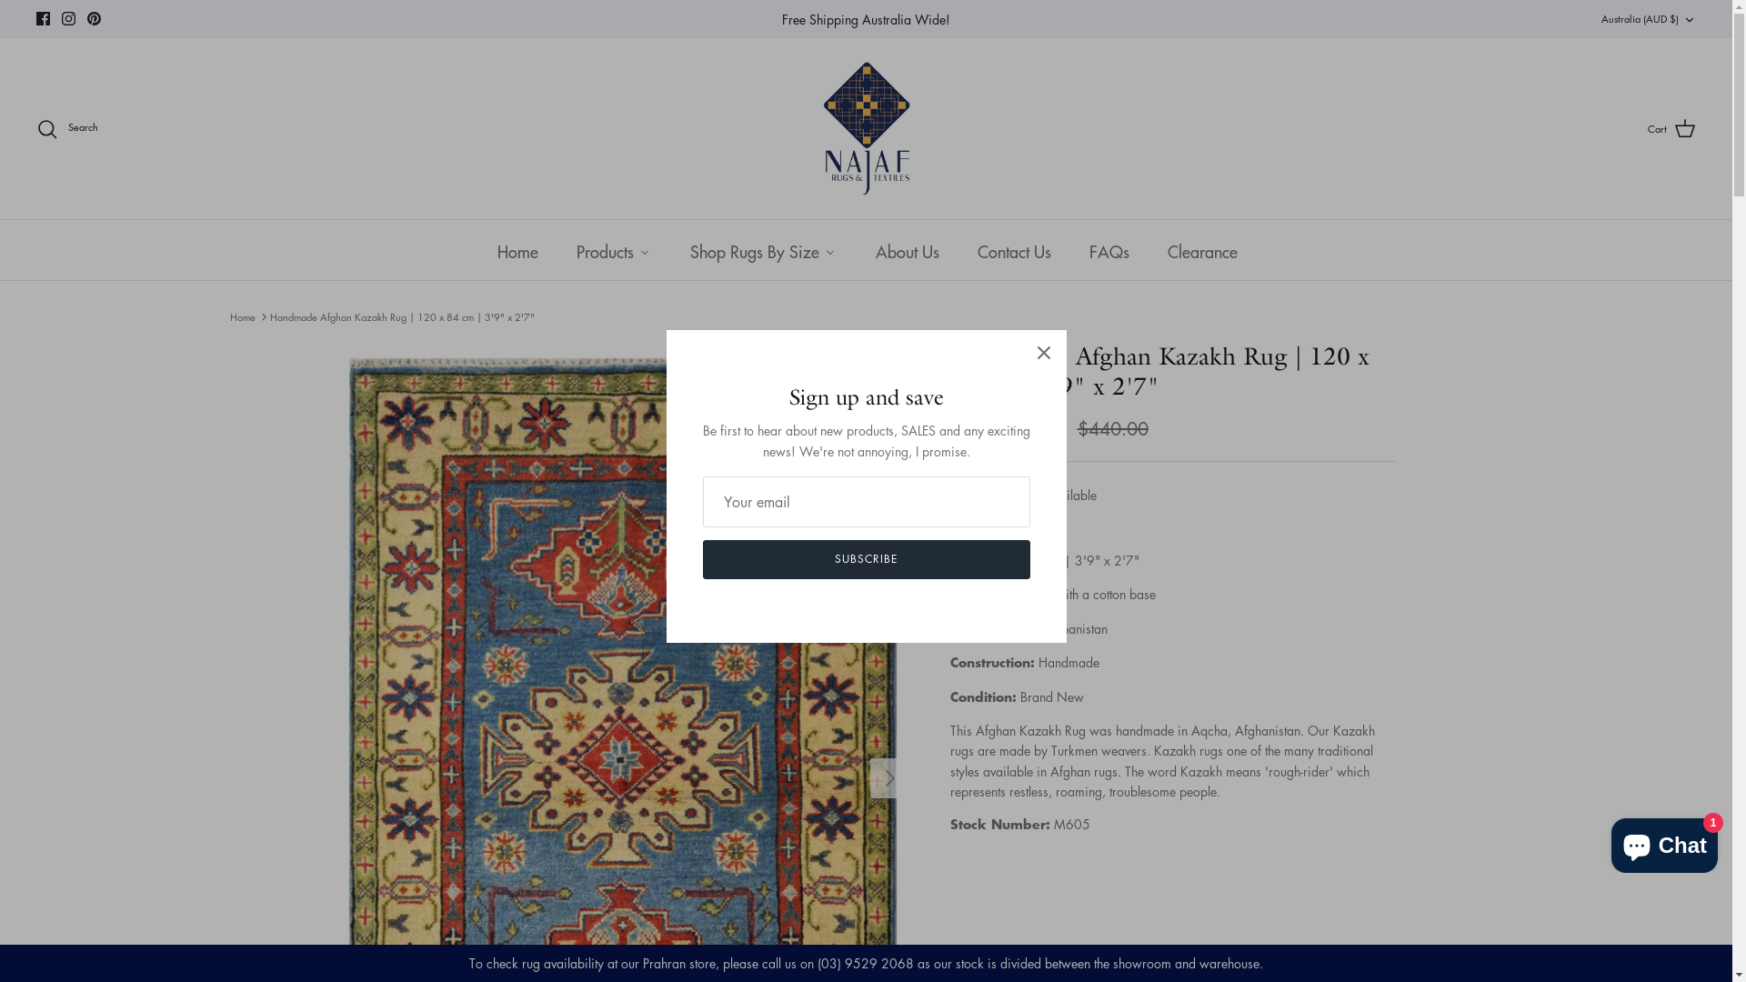 The image size is (1746, 982). I want to click on 'Search', so click(66, 128).